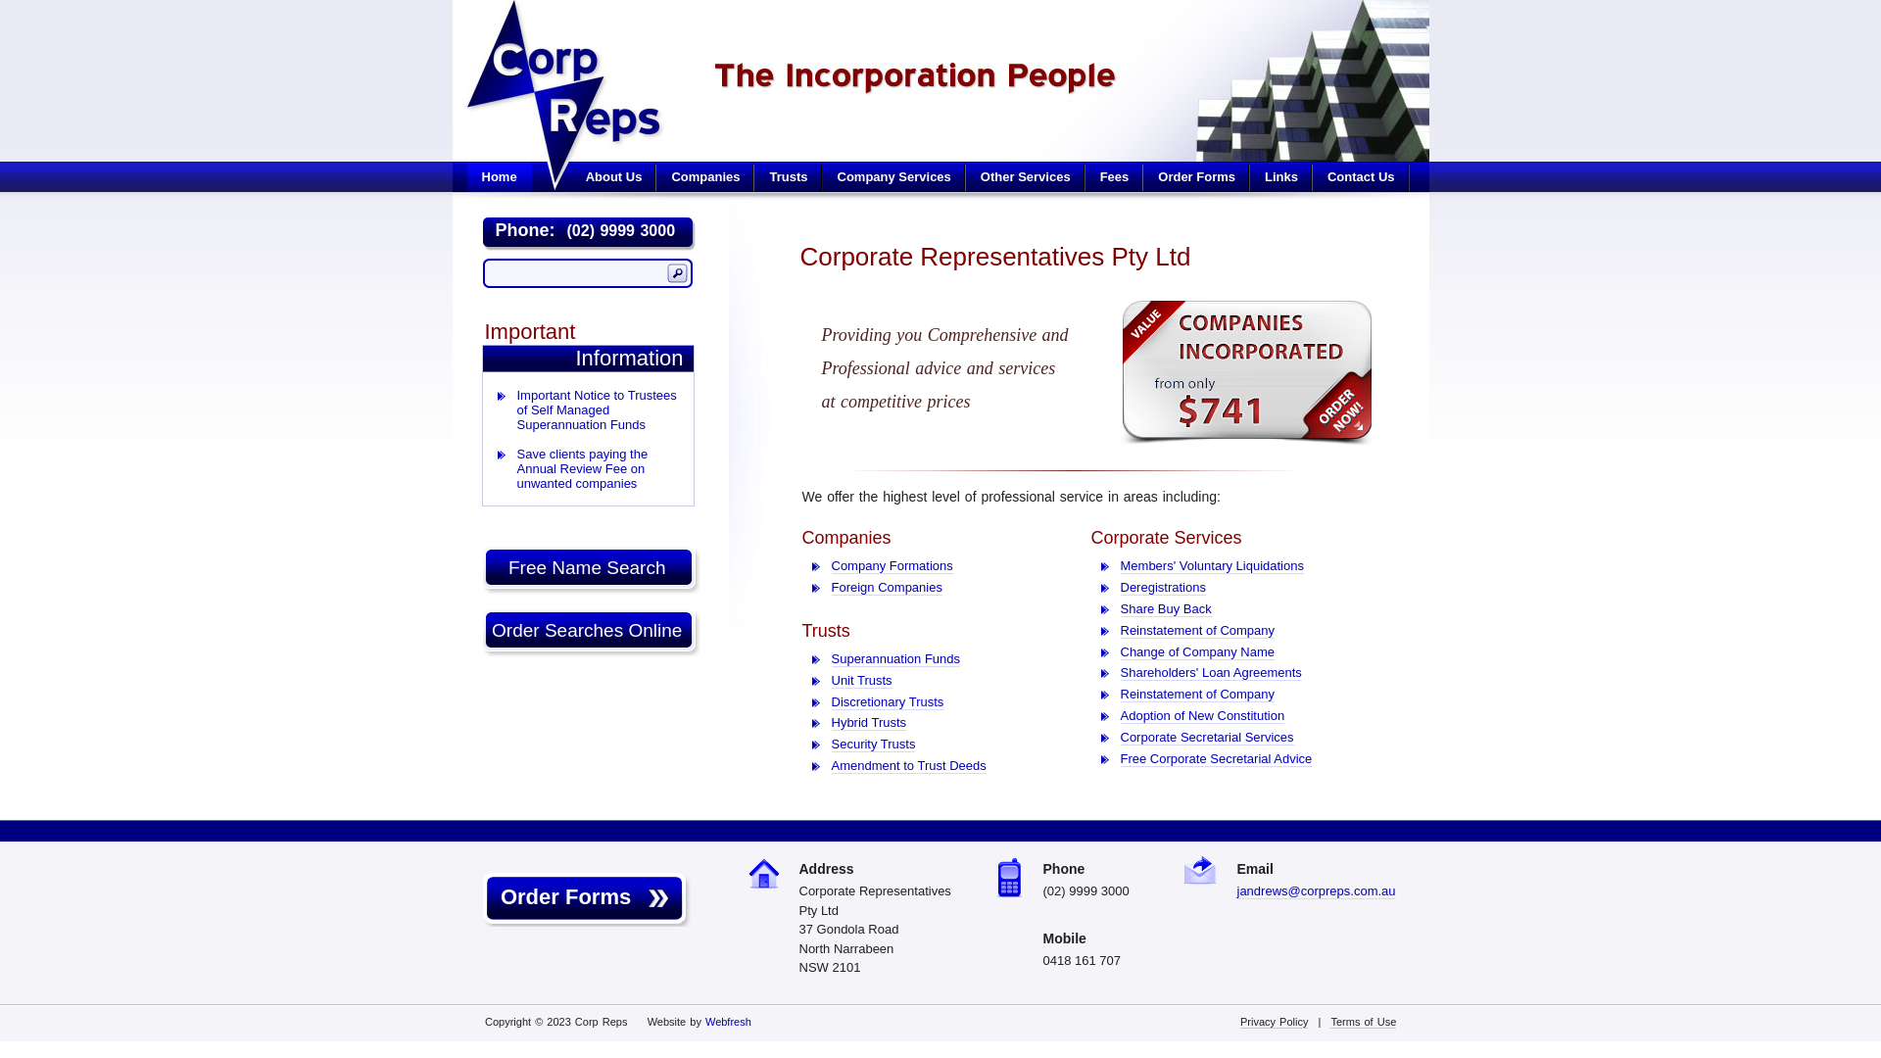 This screenshot has height=1058, width=1881. What do you see at coordinates (872, 744) in the screenshot?
I see `'Security Trusts'` at bounding box center [872, 744].